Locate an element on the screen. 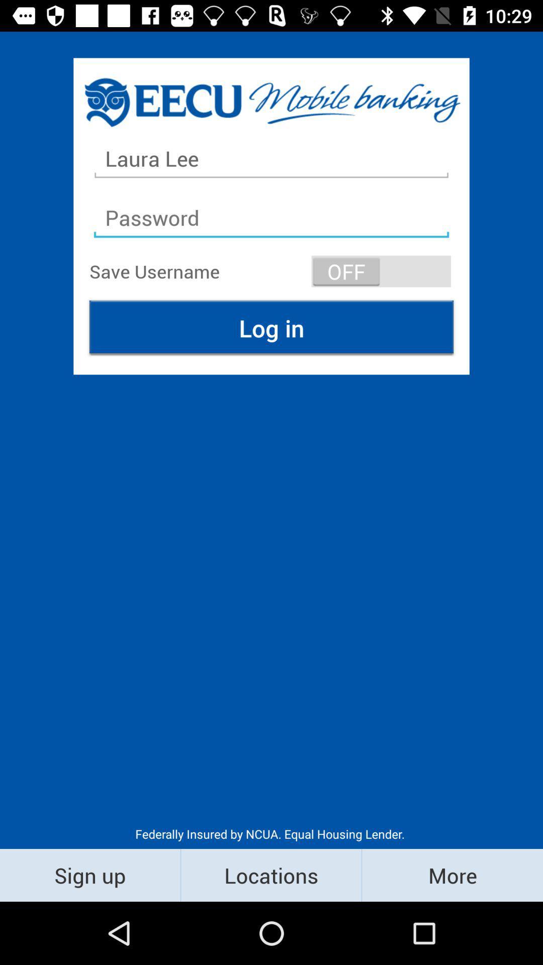 This screenshot has height=965, width=543. the locations is located at coordinates (270, 875).